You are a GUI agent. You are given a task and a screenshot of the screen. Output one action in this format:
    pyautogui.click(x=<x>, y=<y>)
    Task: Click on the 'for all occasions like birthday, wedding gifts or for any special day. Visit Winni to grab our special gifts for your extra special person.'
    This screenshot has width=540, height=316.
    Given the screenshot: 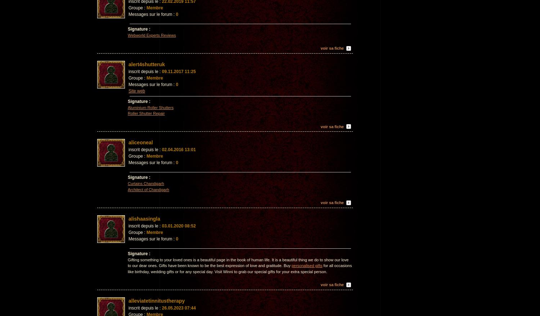 What is the action you would take?
    pyautogui.click(x=240, y=268)
    